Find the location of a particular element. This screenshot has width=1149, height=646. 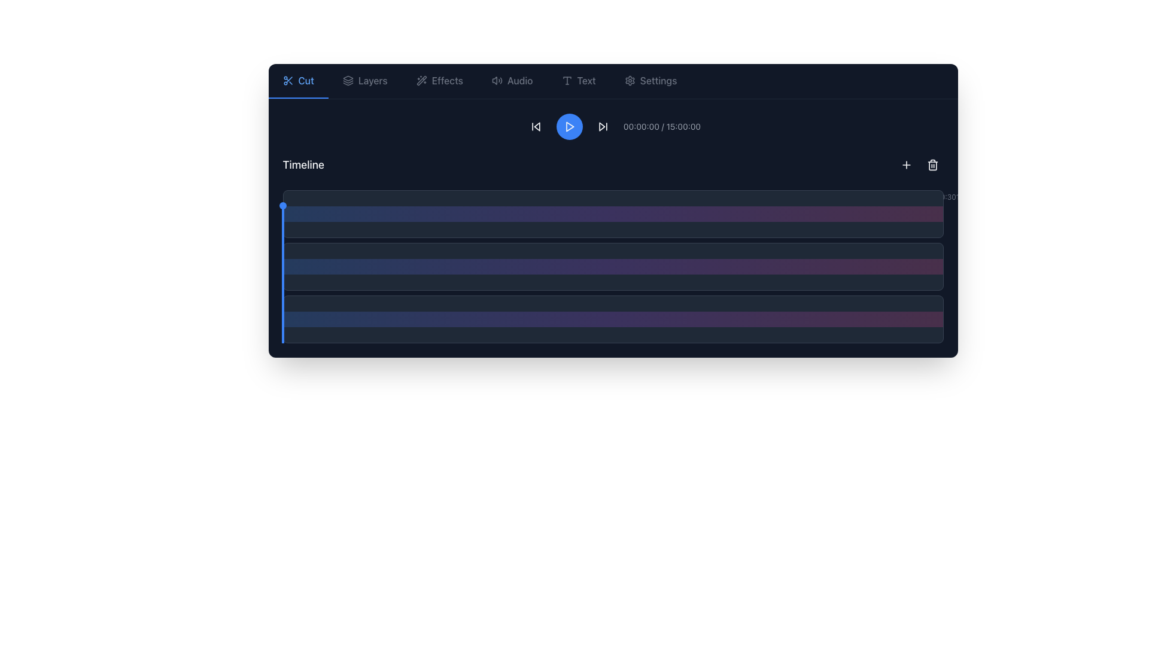

text from the label that is associated with the scissors icon in the tool selection interface is located at coordinates (306, 81).